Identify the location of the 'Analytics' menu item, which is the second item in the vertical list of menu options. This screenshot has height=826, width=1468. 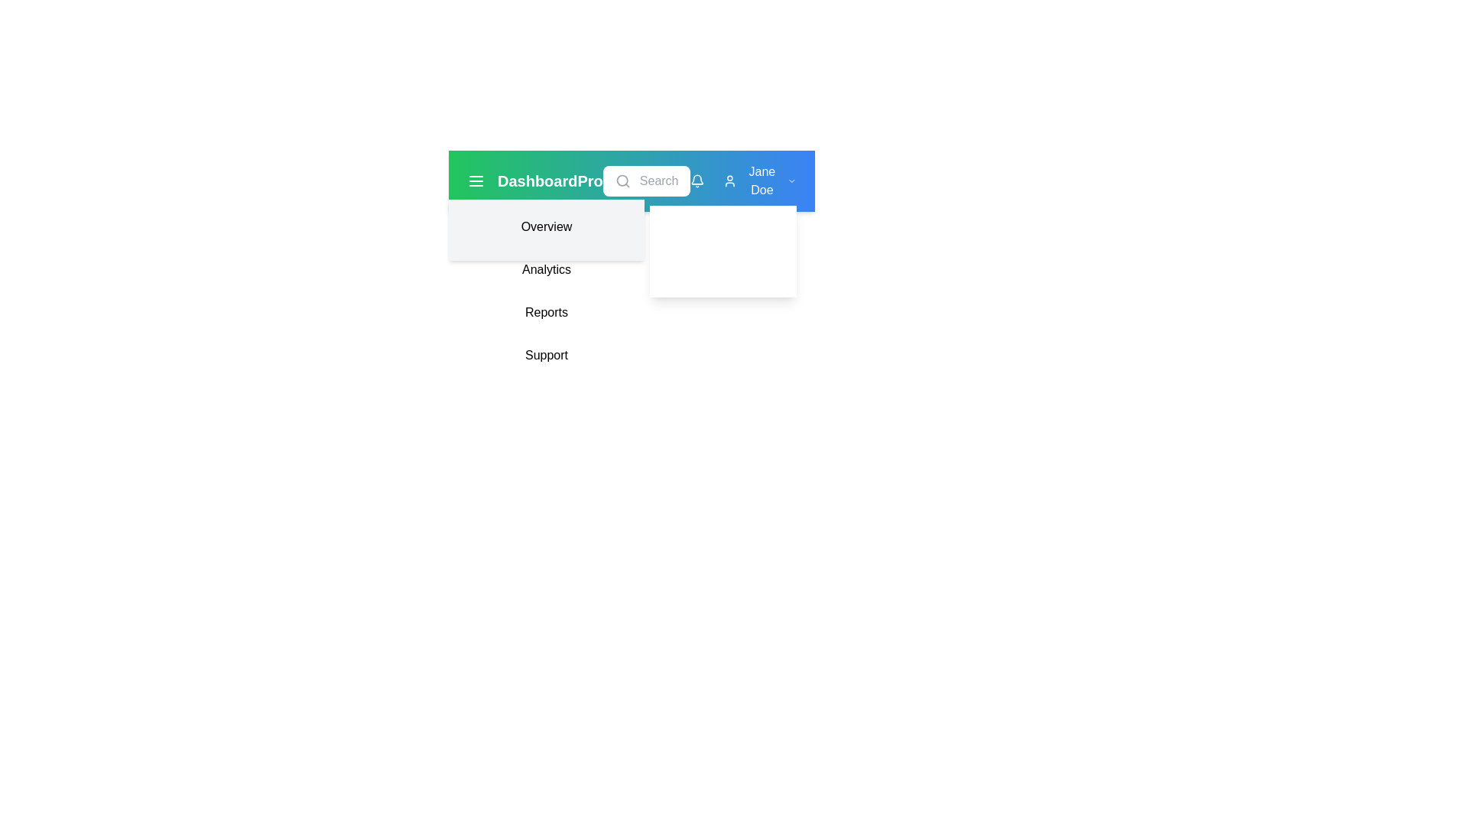
(547, 269).